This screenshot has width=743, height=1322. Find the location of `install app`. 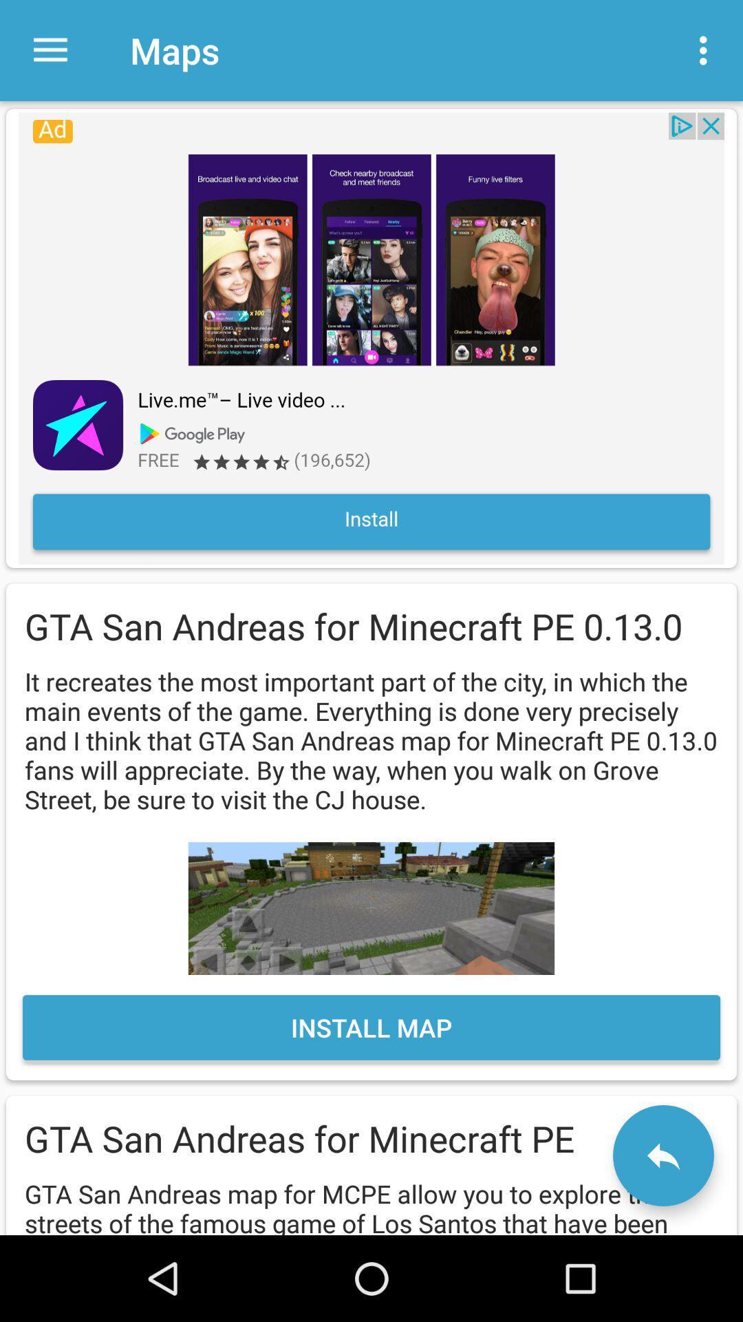

install app is located at coordinates (371, 338).